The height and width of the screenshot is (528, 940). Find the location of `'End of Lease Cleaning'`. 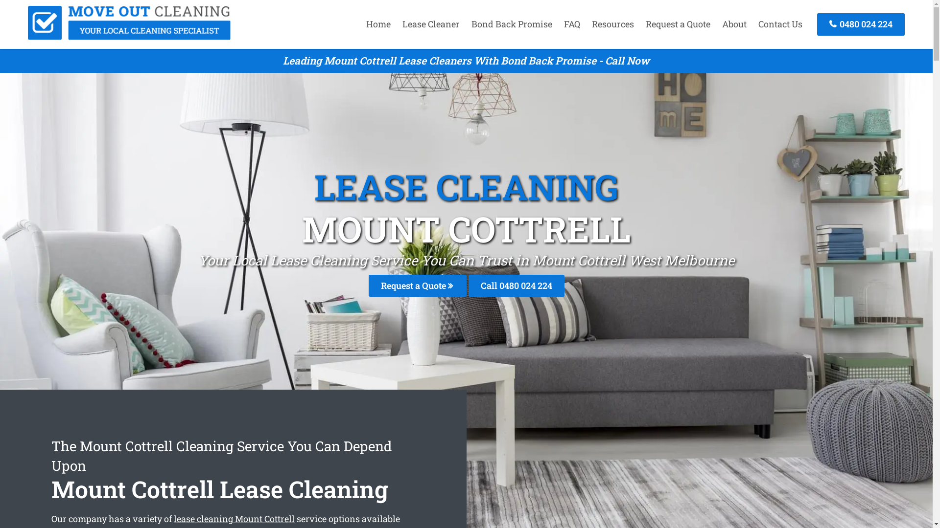

'End of Lease Cleaning' is located at coordinates (129, 36).